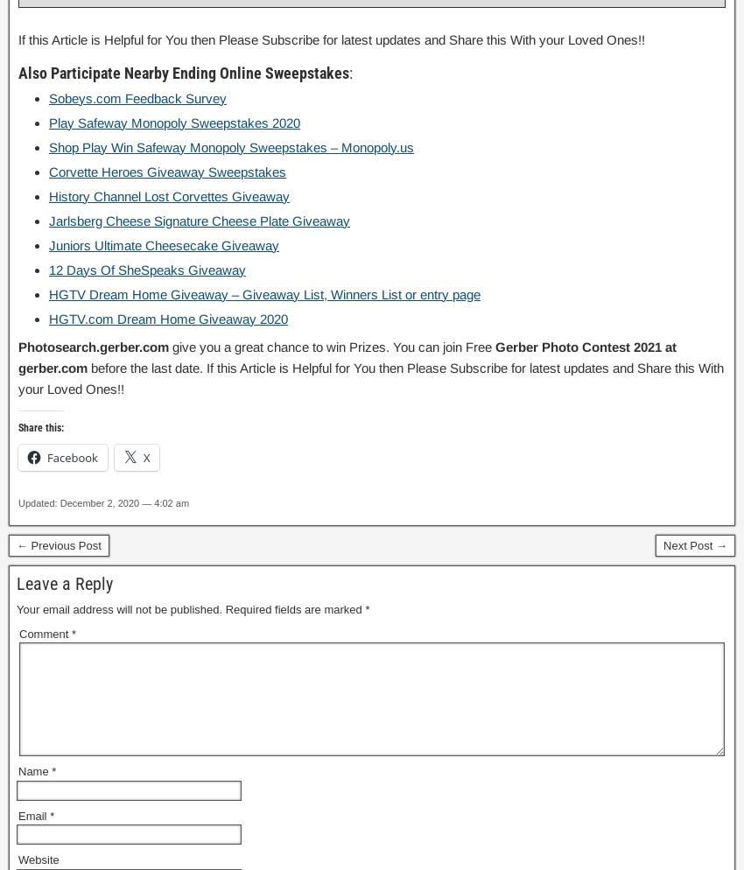 The width and height of the screenshot is (744, 870). Describe the element at coordinates (33, 815) in the screenshot. I see `'Email'` at that location.